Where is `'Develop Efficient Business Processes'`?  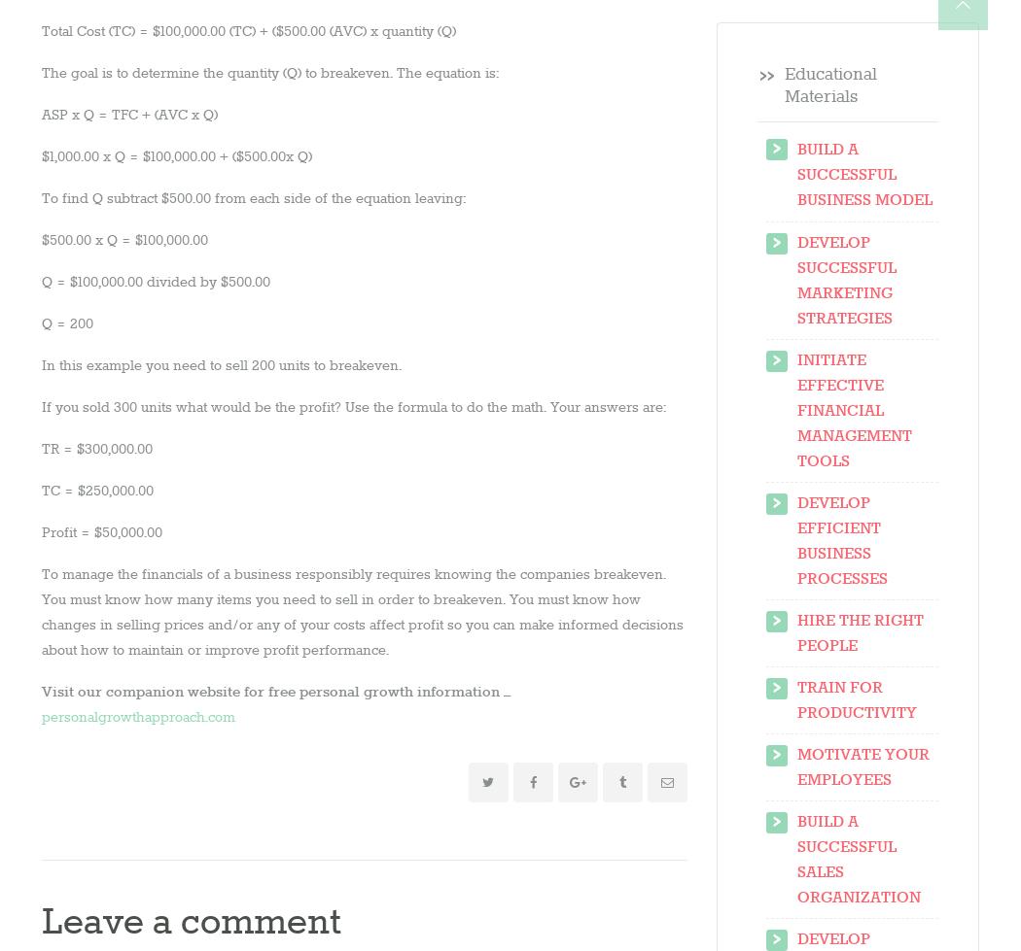
'Develop Efficient Business Processes' is located at coordinates (795, 539).